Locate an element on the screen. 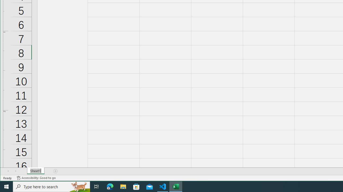 This screenshot has height=192, width=343. 'Task View' is located at coordinates (96, 186).